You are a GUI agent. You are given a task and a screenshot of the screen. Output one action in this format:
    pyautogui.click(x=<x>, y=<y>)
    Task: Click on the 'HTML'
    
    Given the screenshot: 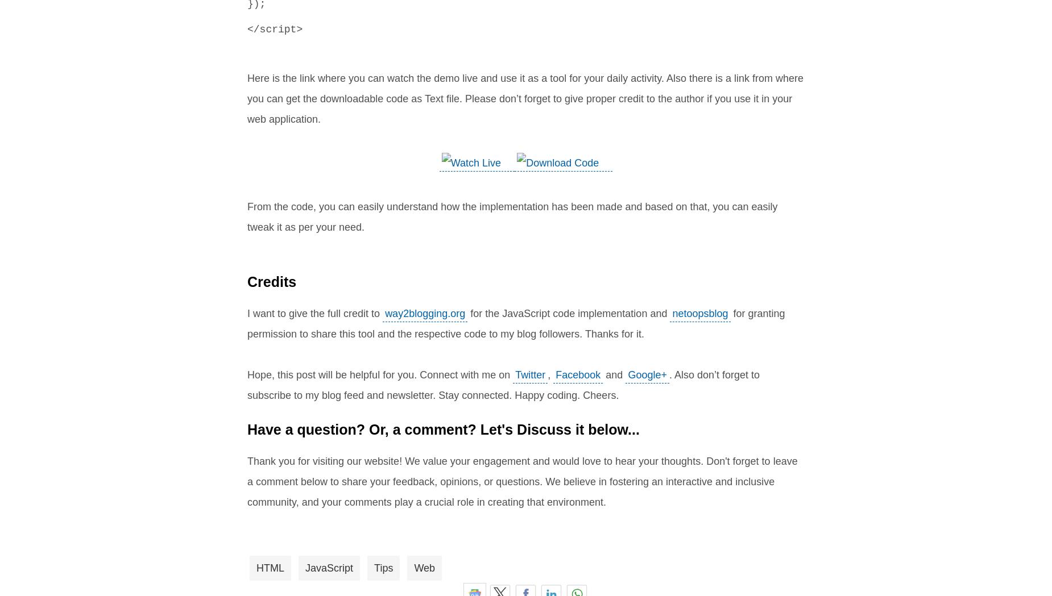 What is the action you would take?
    pyautogui.click(x=256, y=568)
    